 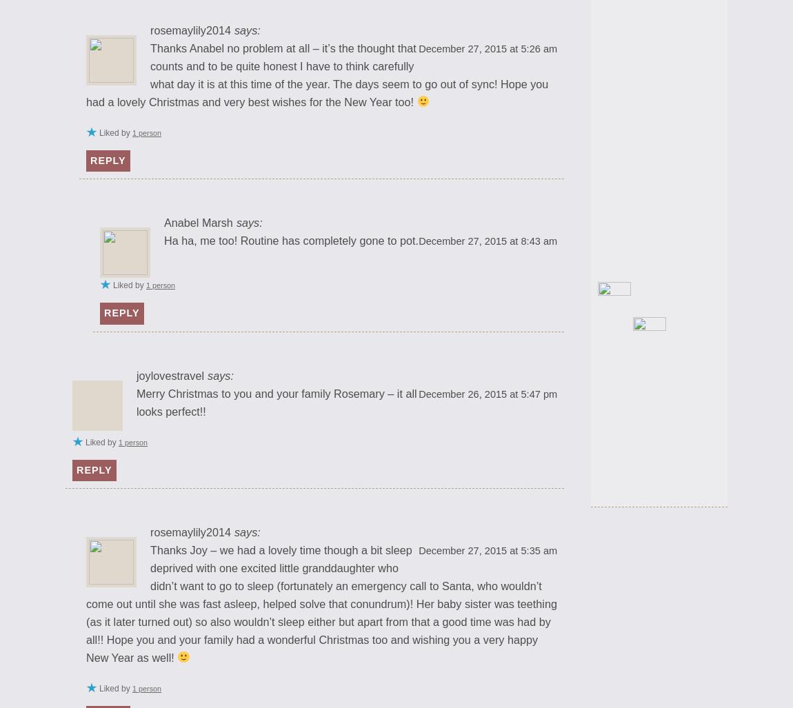 What do you see at coordinates (277, 402) in the screenshot?
I see `'Merry Christmas to you and your family Rosemary – it all looks perfect!!'` at bounding box center [277, 402].